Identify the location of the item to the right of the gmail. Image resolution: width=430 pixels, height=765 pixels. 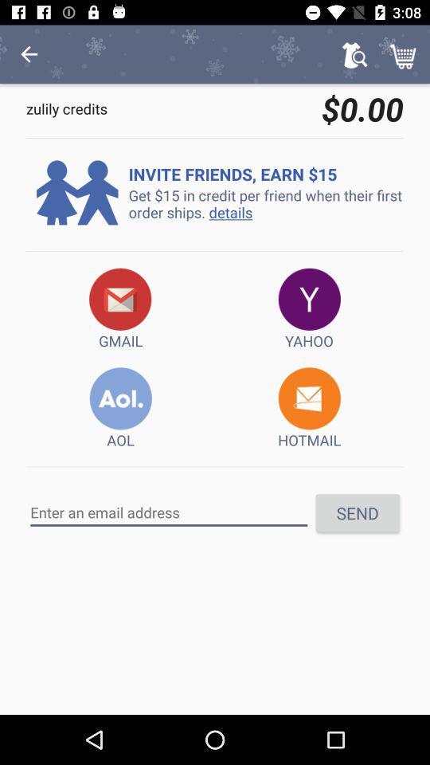
(309, 308).